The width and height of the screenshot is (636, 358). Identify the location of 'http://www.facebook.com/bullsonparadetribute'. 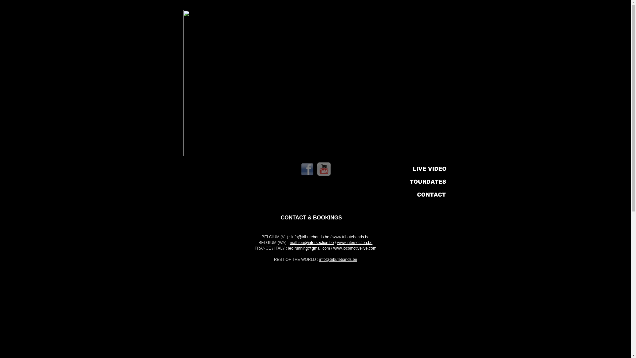
(307, 174).